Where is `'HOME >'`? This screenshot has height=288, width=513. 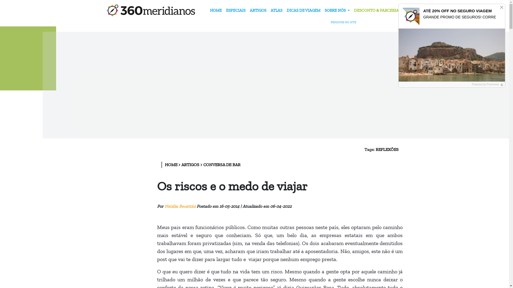
'HOME >' is located at coordinates (164, 164).